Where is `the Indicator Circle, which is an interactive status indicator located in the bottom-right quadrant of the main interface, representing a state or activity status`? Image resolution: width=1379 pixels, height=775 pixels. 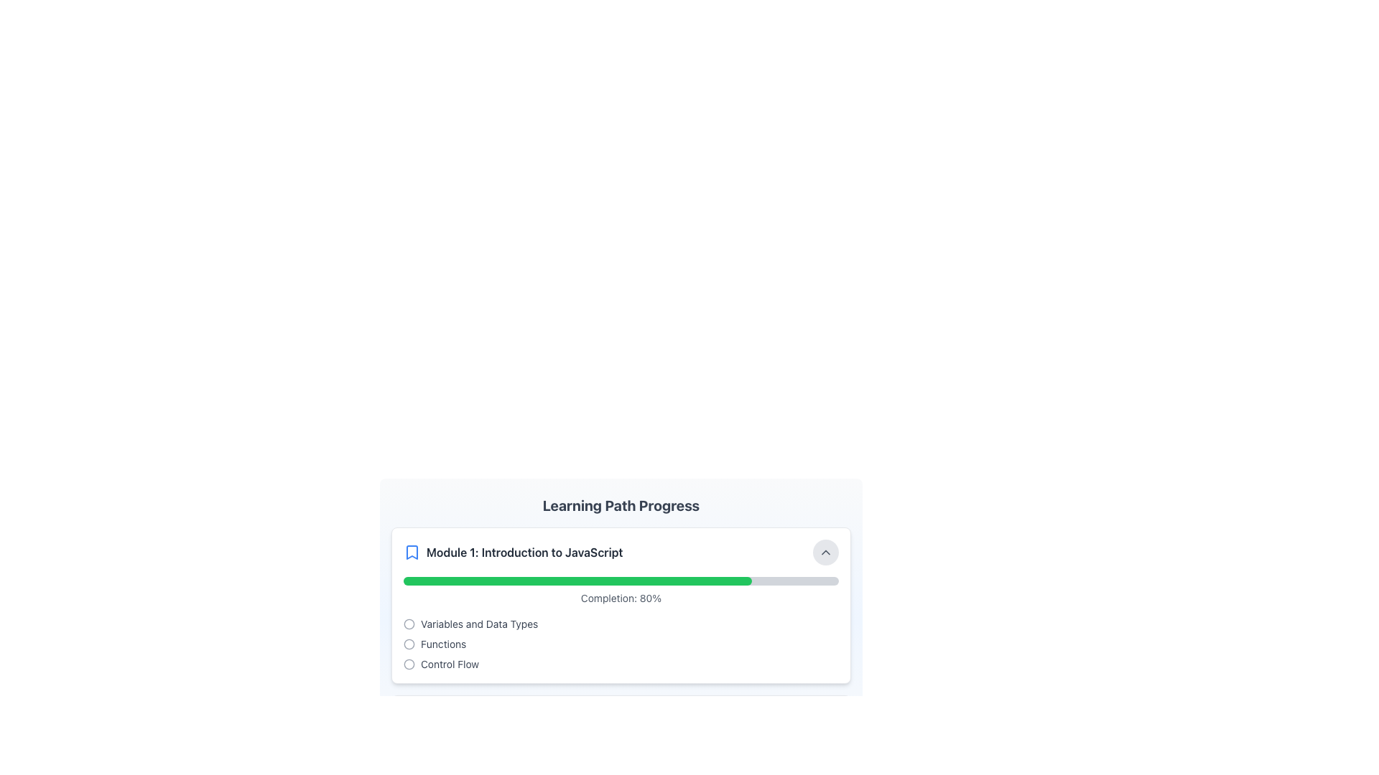 the Indicator Circle, which is an interactive status indicator located in the bottom-right quadrant of the main interface, representing a state or activity status is located at coordinates (409, 664).